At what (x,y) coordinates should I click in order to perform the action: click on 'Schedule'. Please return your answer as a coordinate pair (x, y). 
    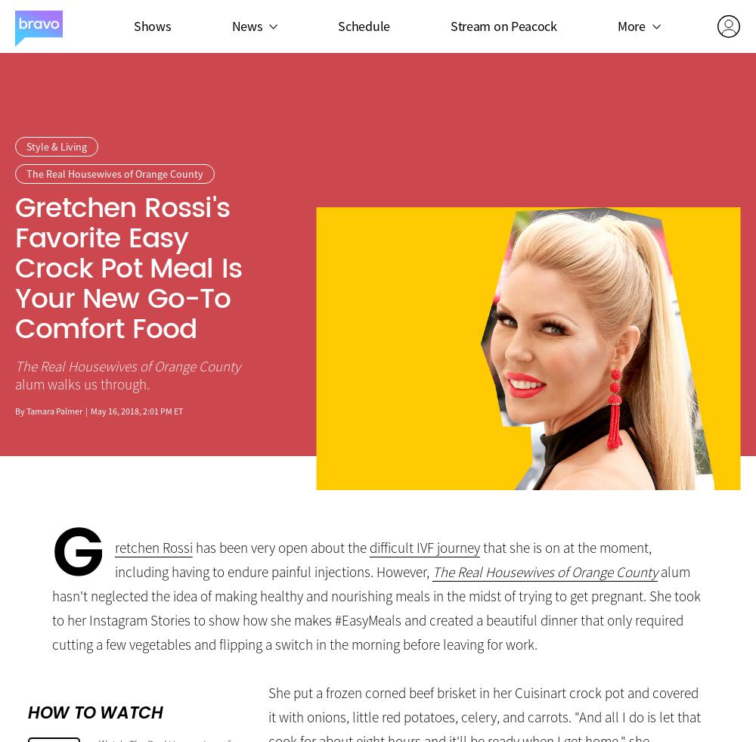
    Looking at the image, I should click on (363, 24).